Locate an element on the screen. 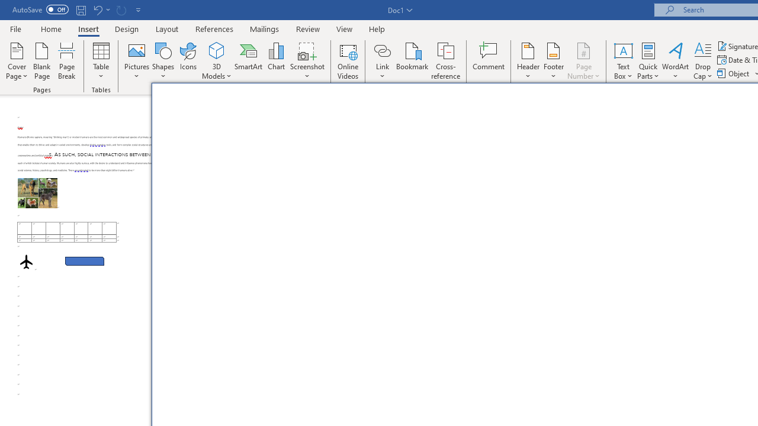 The height and width of the screenshot is (426, 758). 'Cover Page' is located at coordinates (17, 61).